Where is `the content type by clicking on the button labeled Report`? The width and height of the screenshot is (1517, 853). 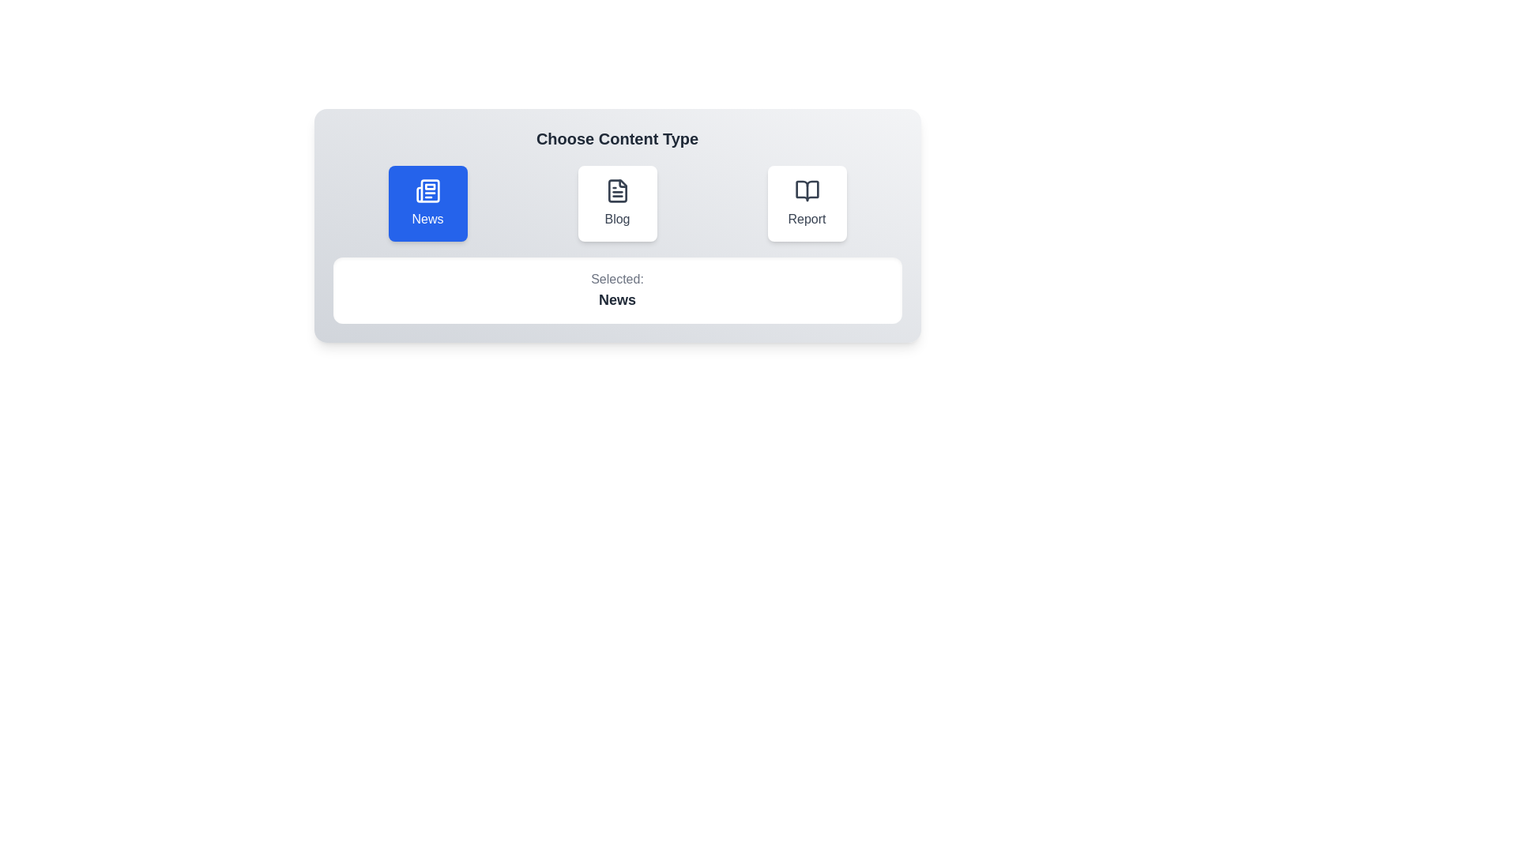 the content type by clicking on the button labeled Report is located at coordinates (807, 203).